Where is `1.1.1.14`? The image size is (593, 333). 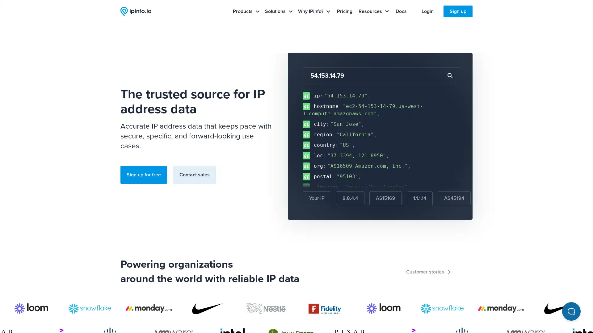 1.1.1.14 is located at coordinates (419, 198).